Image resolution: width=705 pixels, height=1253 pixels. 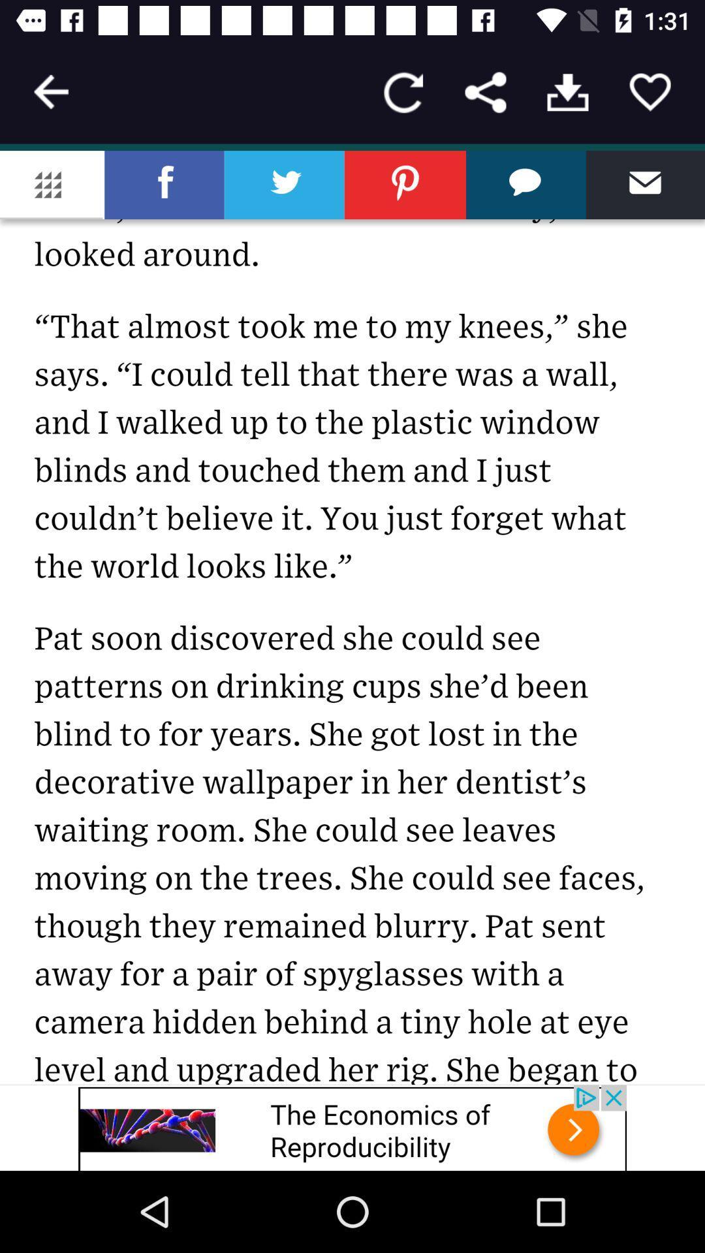 I want to click on forward, so click(x=486, y=91).